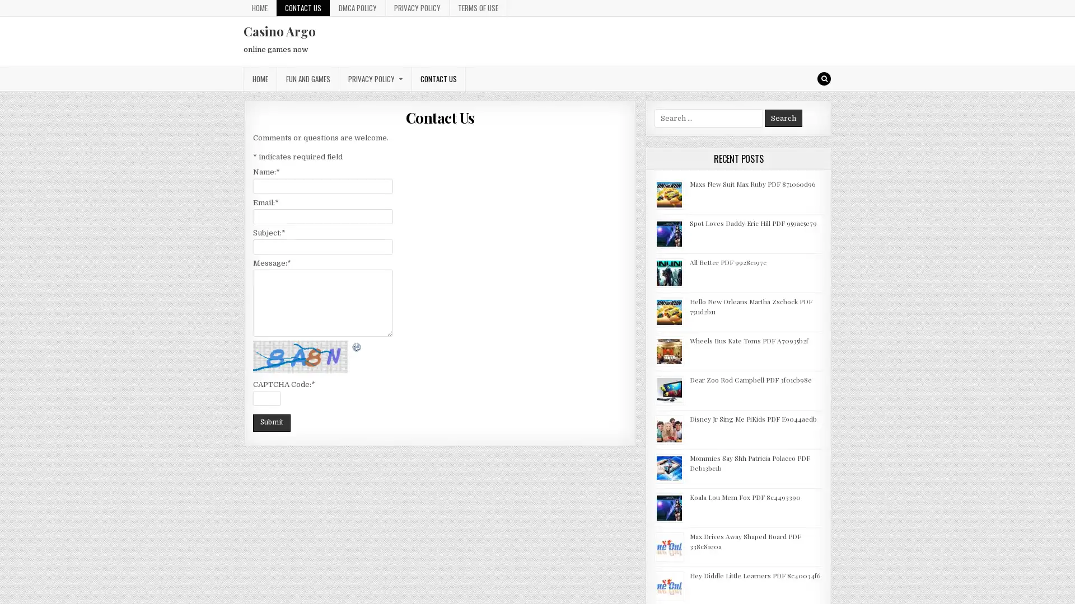  I want to click on Submit, so click(272, 422).